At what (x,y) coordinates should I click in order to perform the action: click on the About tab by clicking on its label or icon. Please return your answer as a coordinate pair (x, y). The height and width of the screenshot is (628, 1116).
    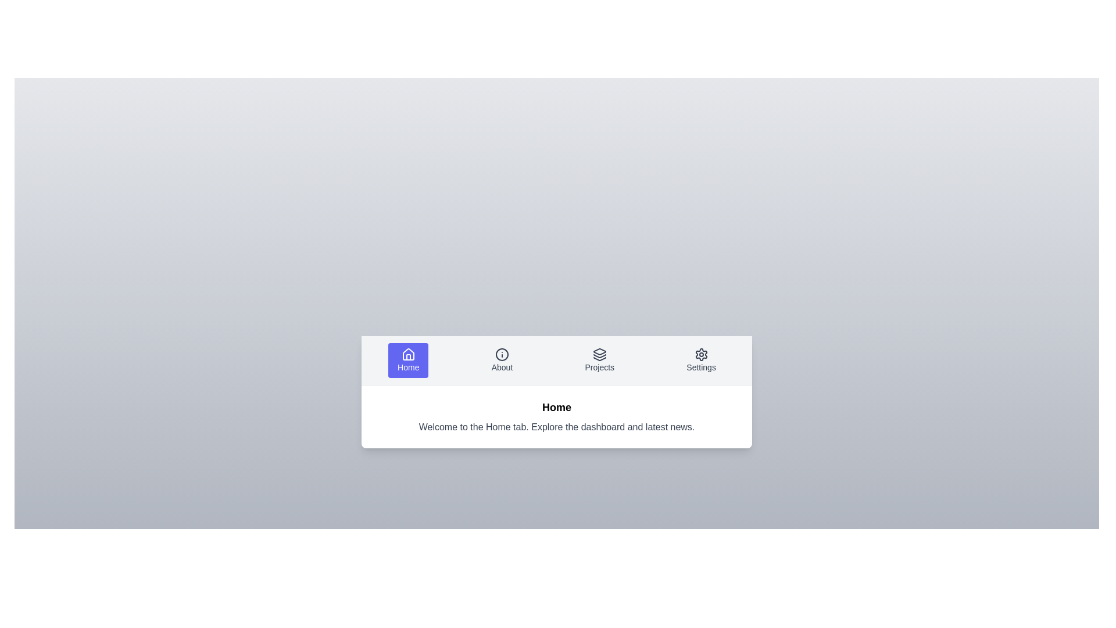
    Looking at the image, I should click on (502, 359).